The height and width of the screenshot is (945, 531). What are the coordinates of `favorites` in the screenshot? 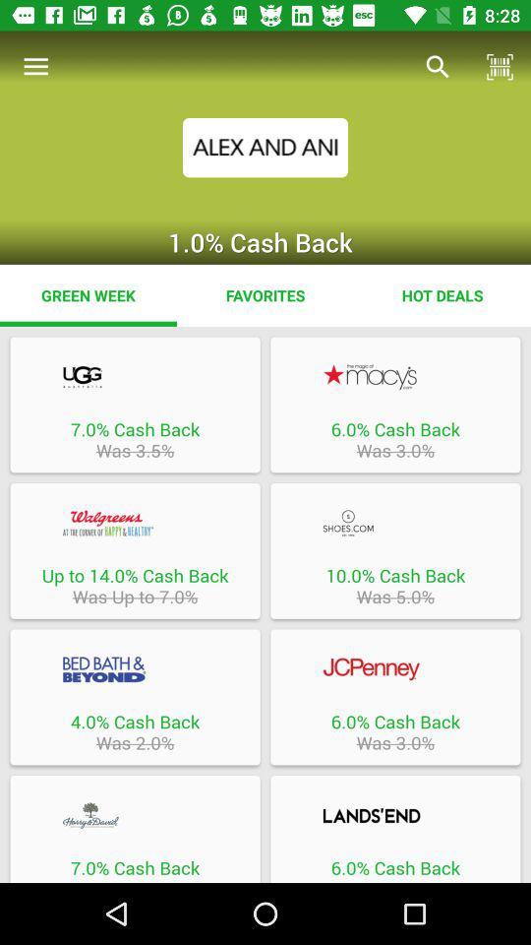 It's located at (265, 294).